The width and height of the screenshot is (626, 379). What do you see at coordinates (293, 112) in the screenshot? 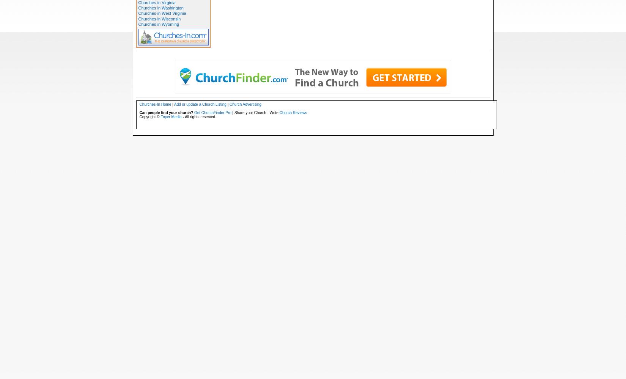
I see `'Church Reviews'` at bounding box center [293, 112].